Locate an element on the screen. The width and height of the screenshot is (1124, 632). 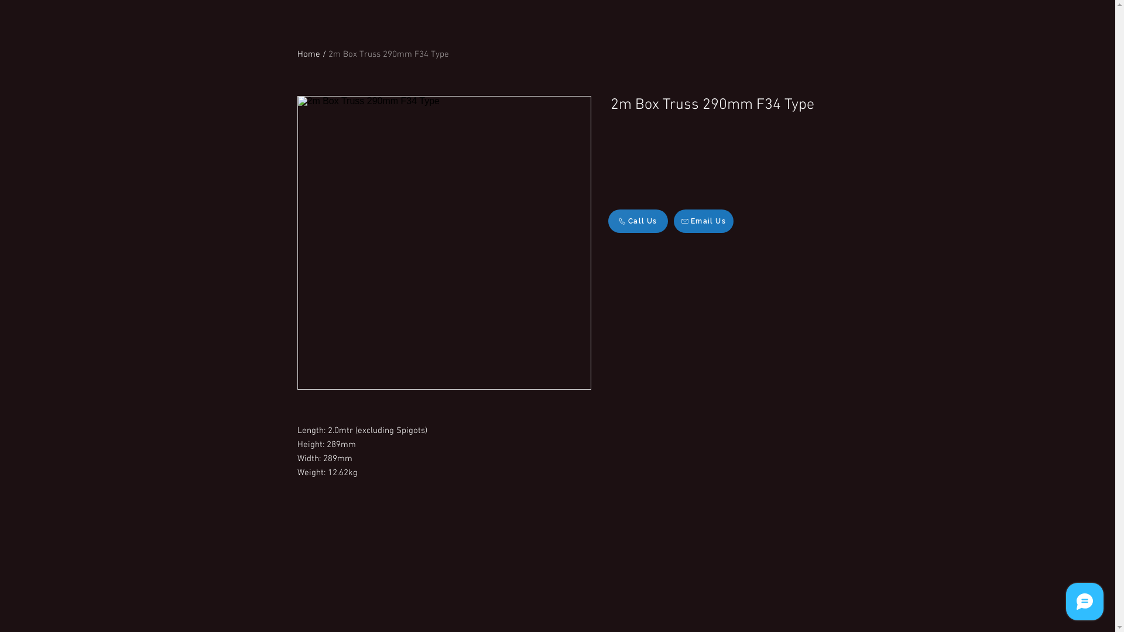
'Email Us' is located at coordinates (702, 221).